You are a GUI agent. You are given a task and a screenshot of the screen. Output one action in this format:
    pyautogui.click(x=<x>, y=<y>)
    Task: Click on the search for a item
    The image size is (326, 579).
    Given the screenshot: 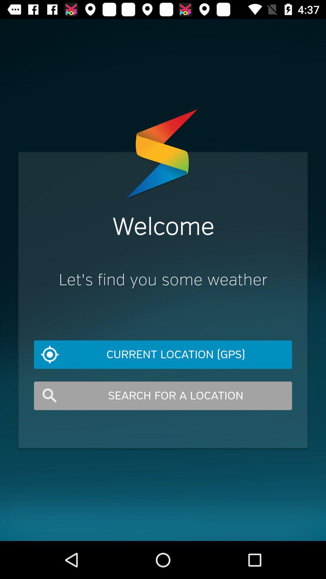 What is the action you would take?
    pyautogui.click(x=163, y=396)
    